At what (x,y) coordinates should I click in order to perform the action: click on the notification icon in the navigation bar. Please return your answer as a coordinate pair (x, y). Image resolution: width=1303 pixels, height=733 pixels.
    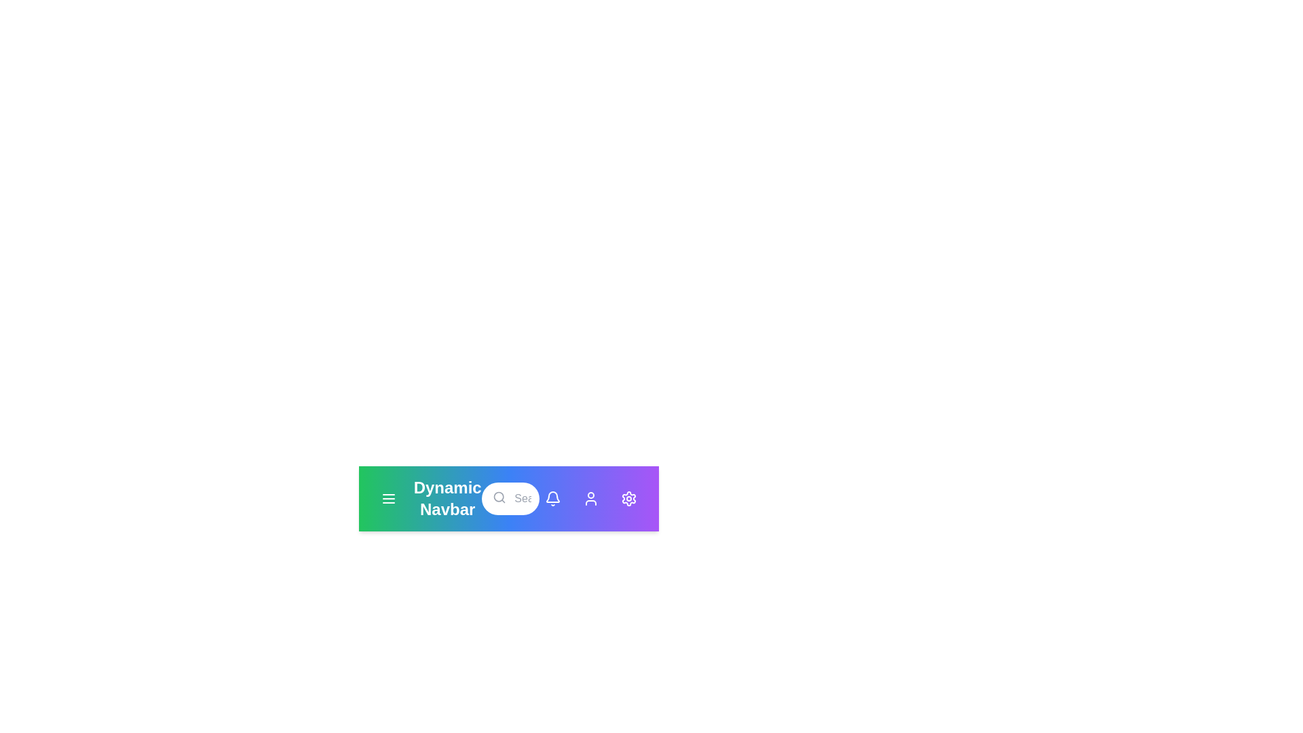
    Looking at the image, I should click on (553, 499).